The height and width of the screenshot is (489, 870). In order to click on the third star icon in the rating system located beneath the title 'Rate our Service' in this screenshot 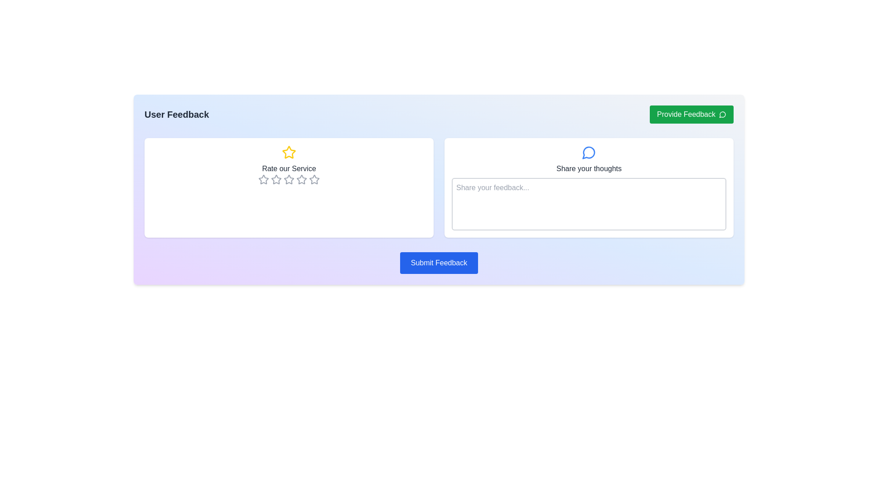, I will do `click(275, 180)`.